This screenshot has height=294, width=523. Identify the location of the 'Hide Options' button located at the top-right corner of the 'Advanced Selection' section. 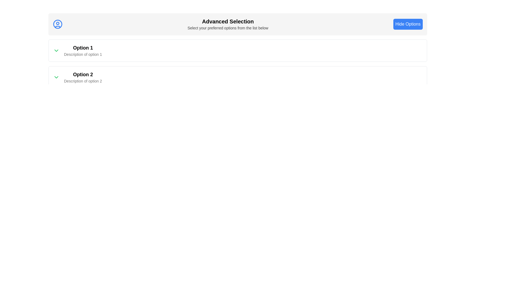
(408, 24).